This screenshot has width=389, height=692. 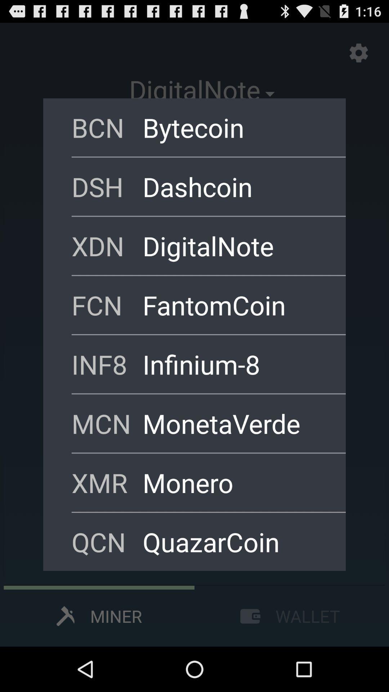 I want to click on the item above mcn icon, so click(x=234, y=364).